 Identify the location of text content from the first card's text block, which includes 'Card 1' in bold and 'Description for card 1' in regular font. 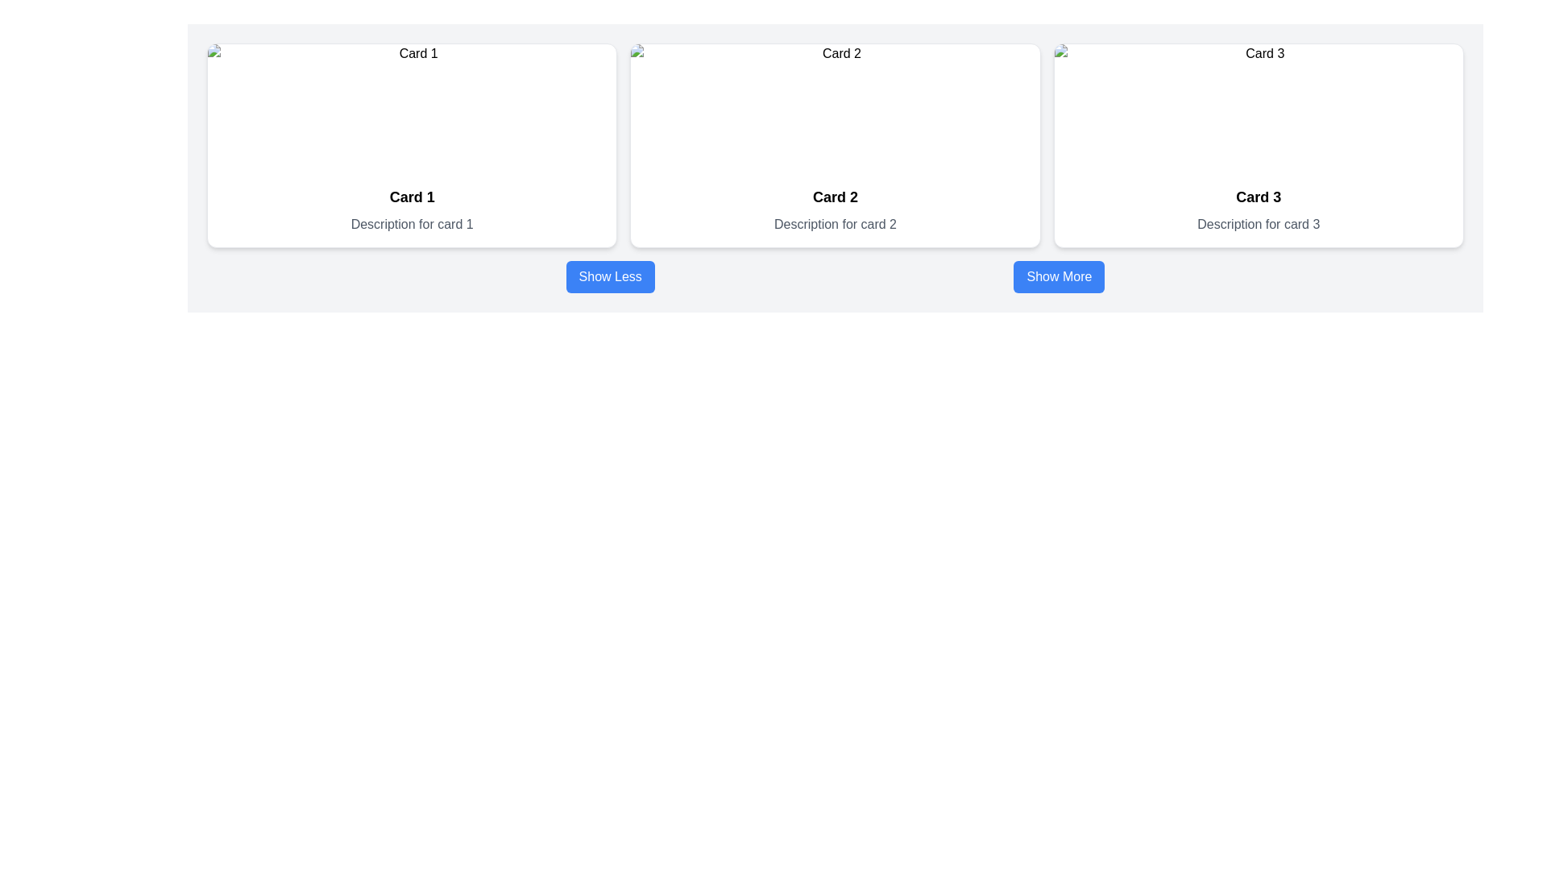
(412, 209).